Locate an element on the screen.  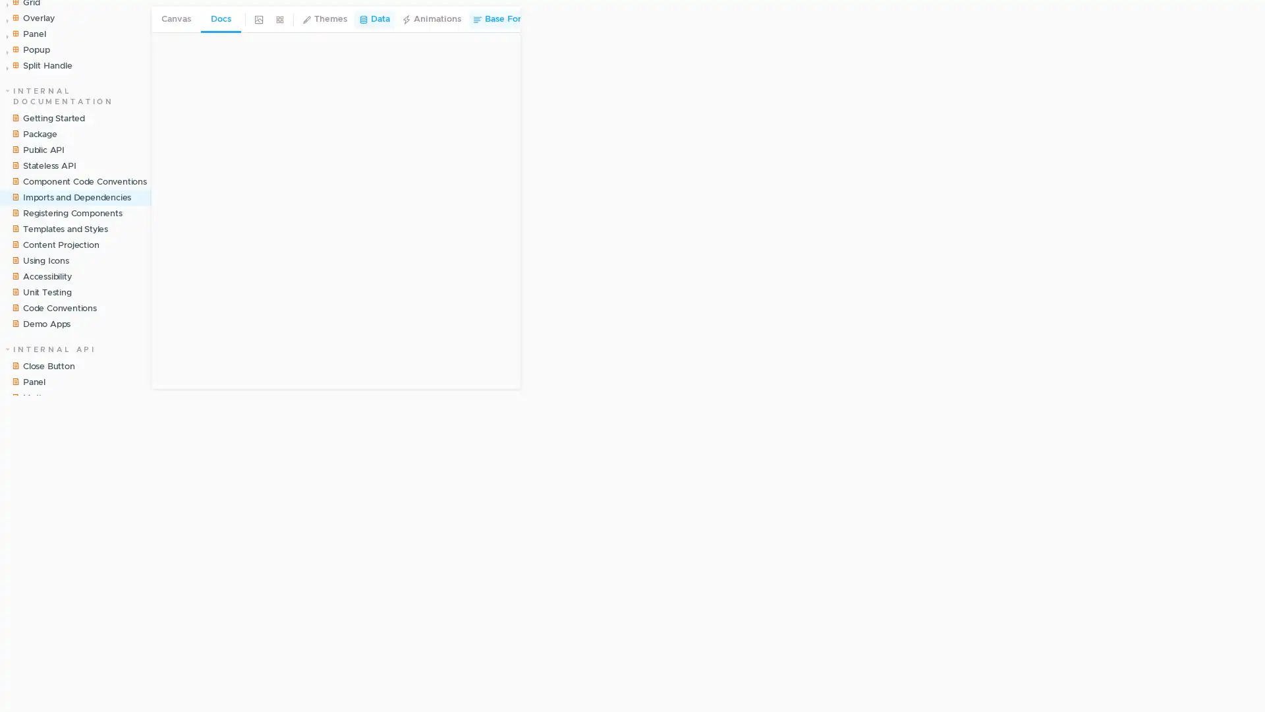
INTERNAL STORIES is located at coordinates (65, 18).